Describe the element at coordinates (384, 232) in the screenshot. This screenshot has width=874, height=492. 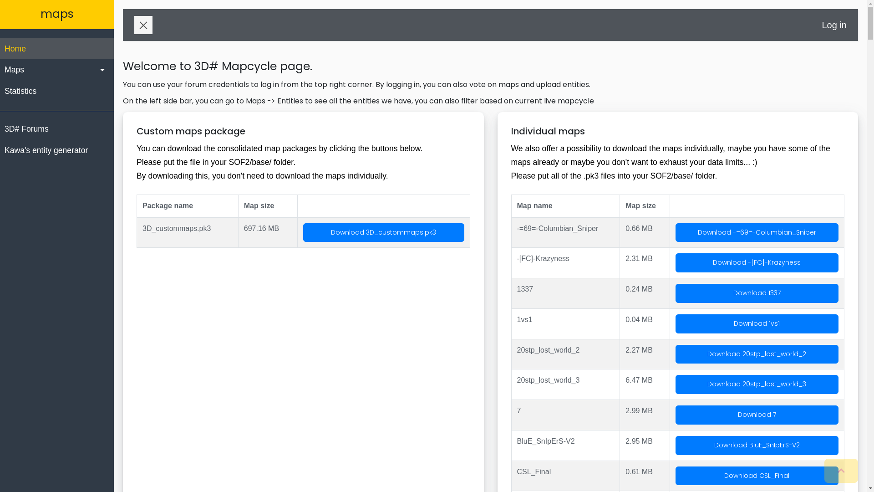
I see `'Download 3D_custommaps.pk3'` at that location.